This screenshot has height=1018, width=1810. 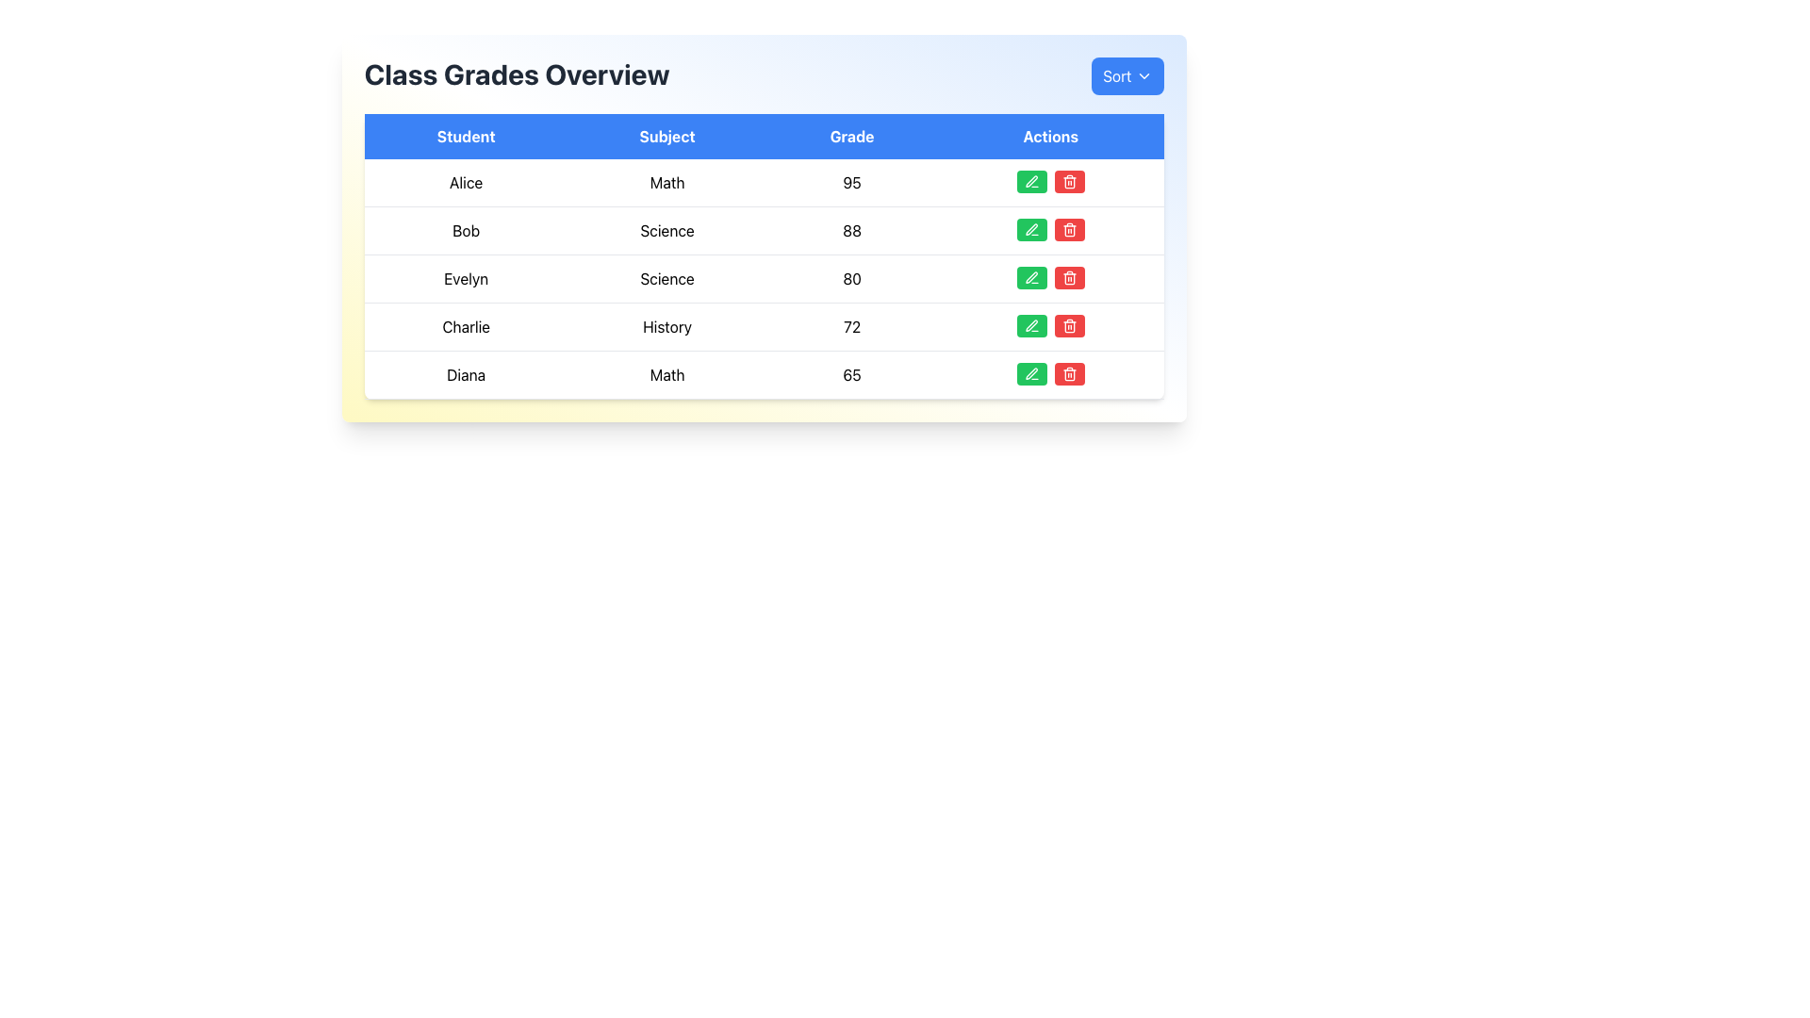 I want to click on the green button with a pen icon located in the first row of the 'Actions' column, so click(x=1030, y=181).